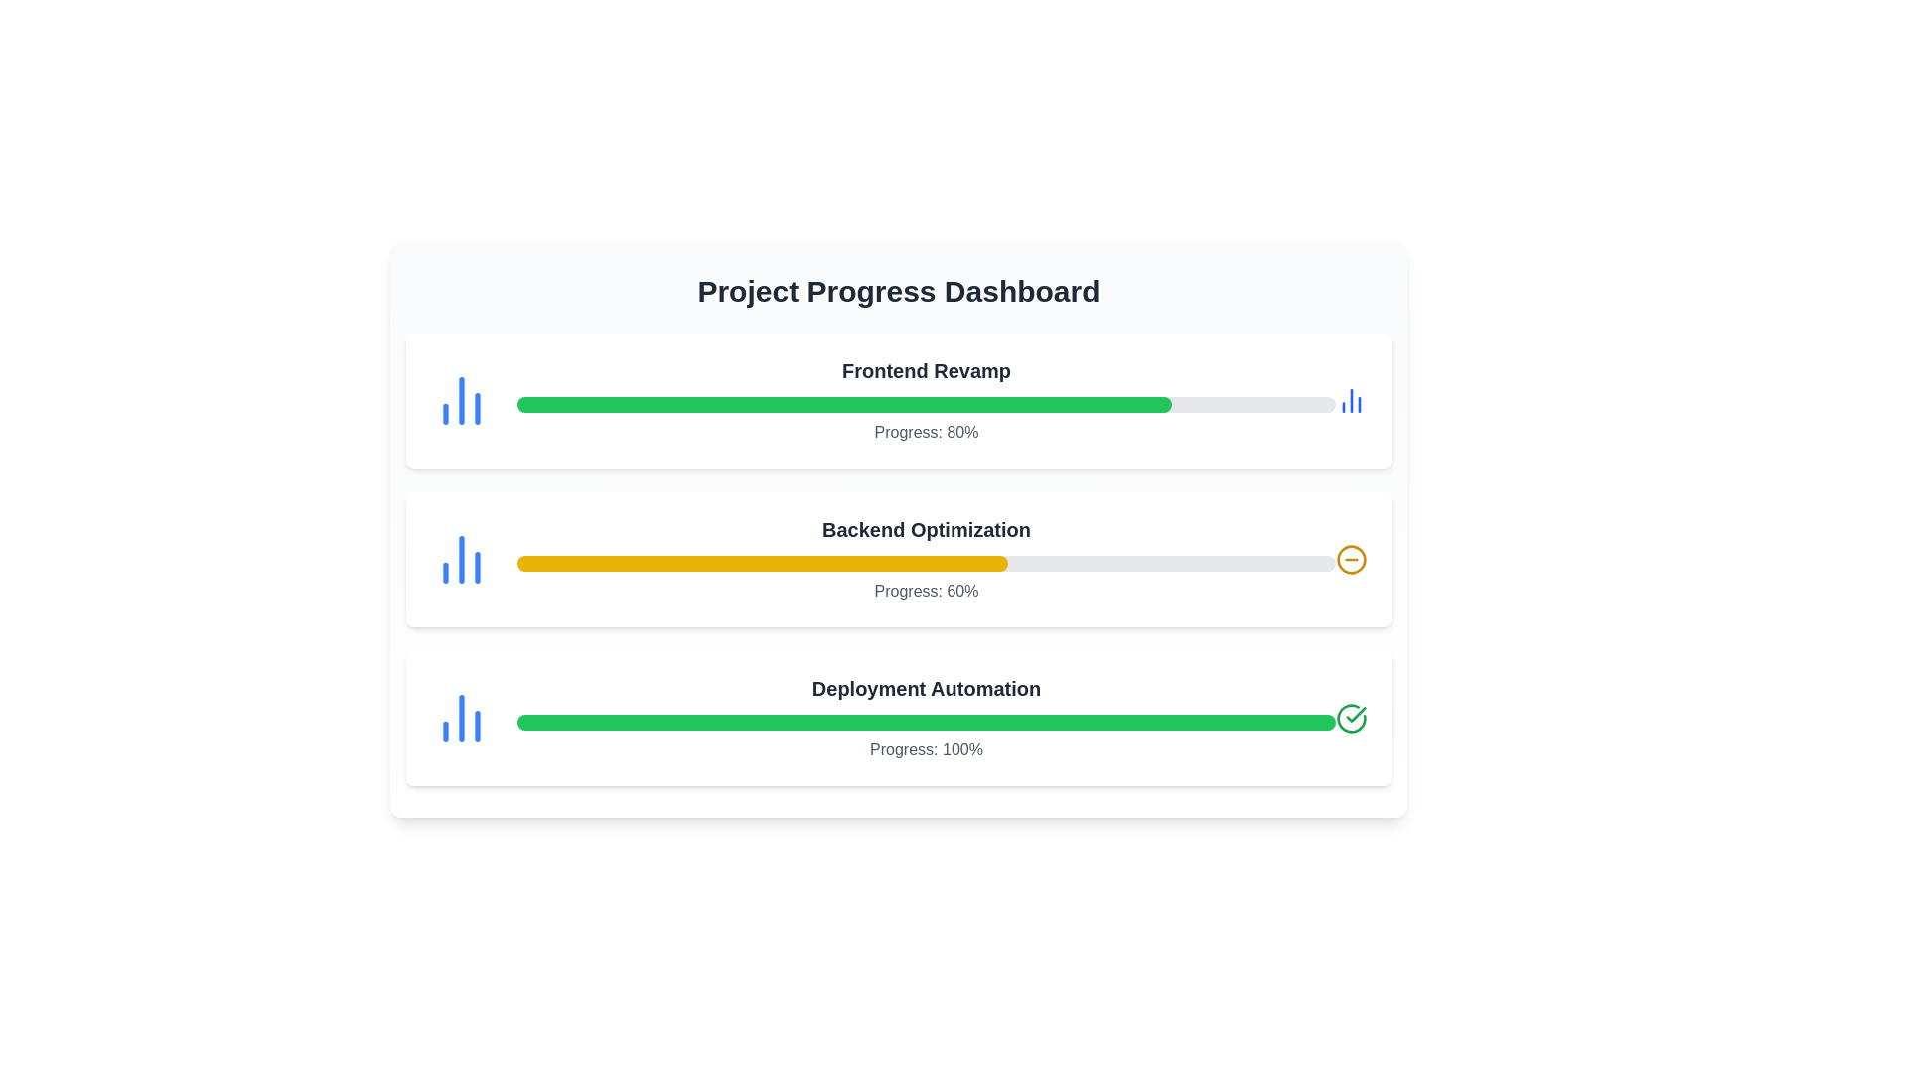  I want to click on the progress bar labeled 'Backend Optimization', so click(925, 559).